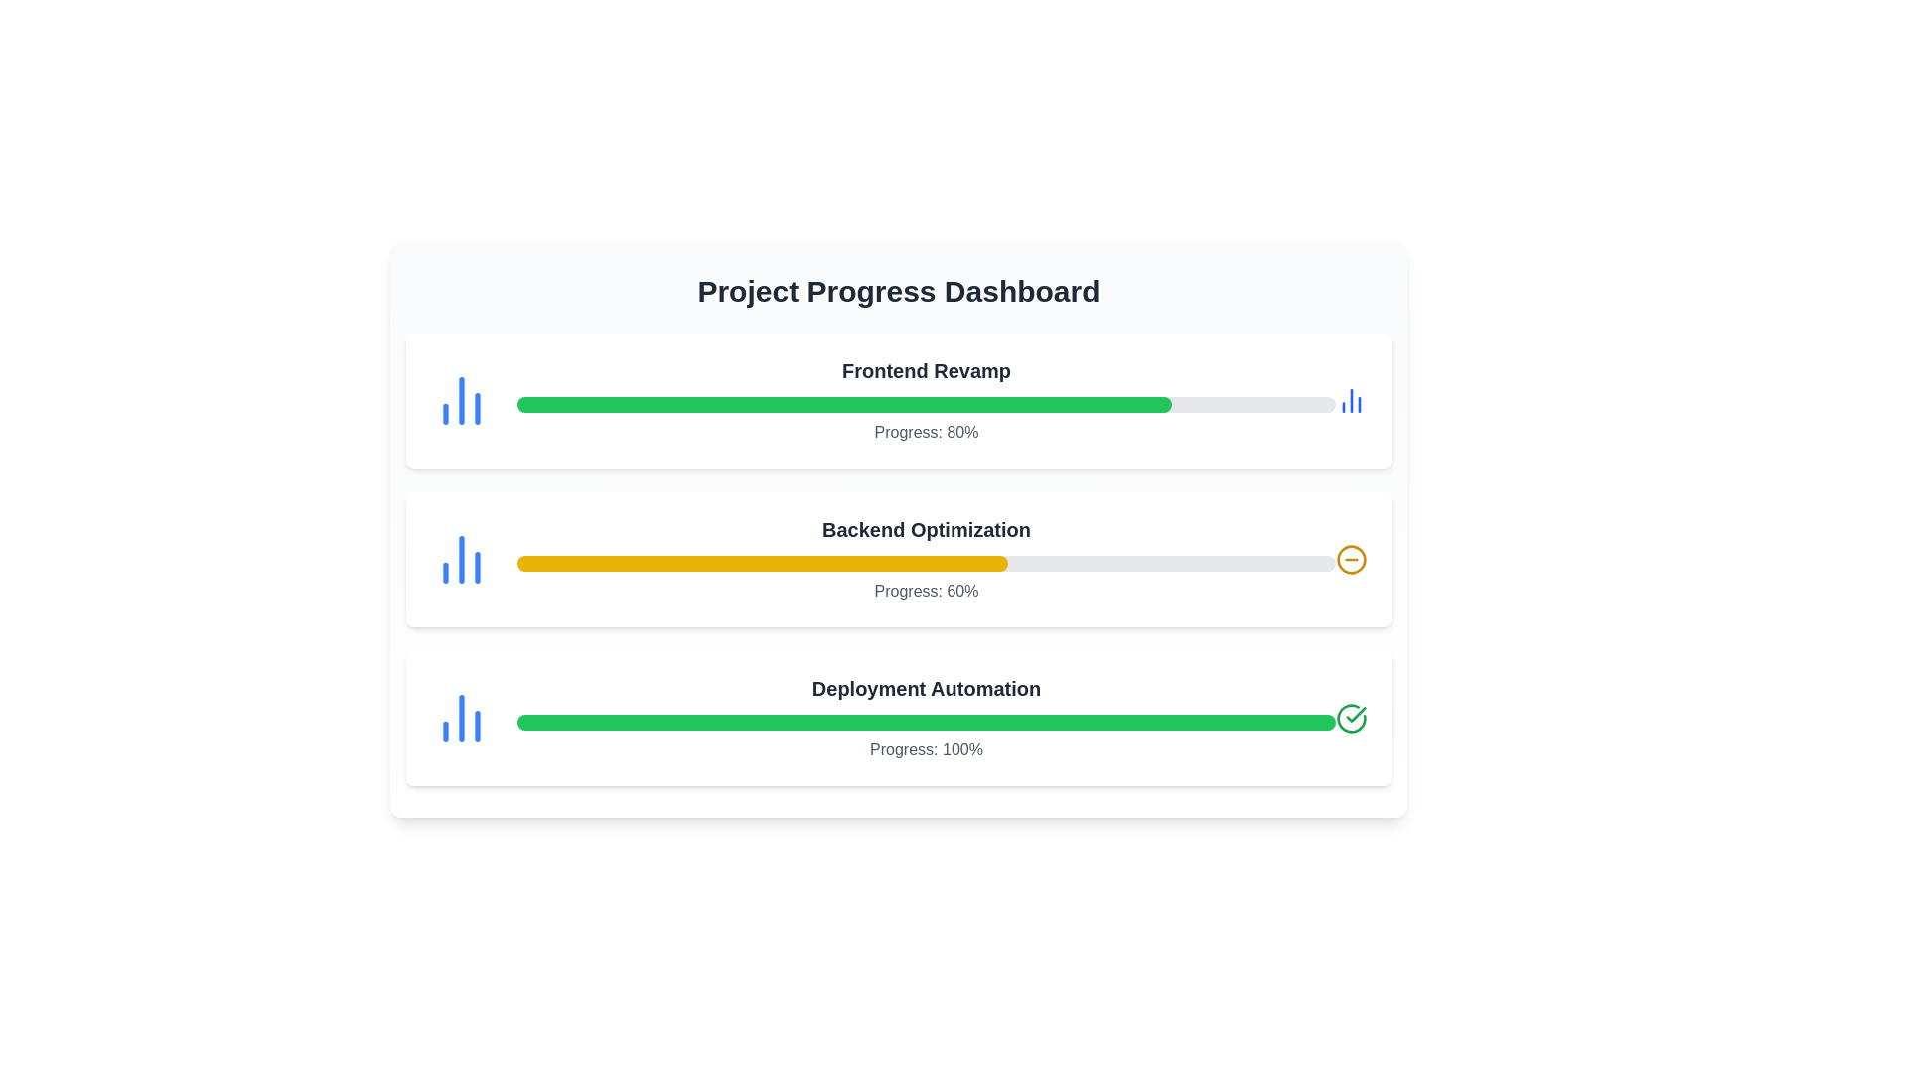  I want to click on the progress bar labeled 'Backend Optimization', so click(925, 559).